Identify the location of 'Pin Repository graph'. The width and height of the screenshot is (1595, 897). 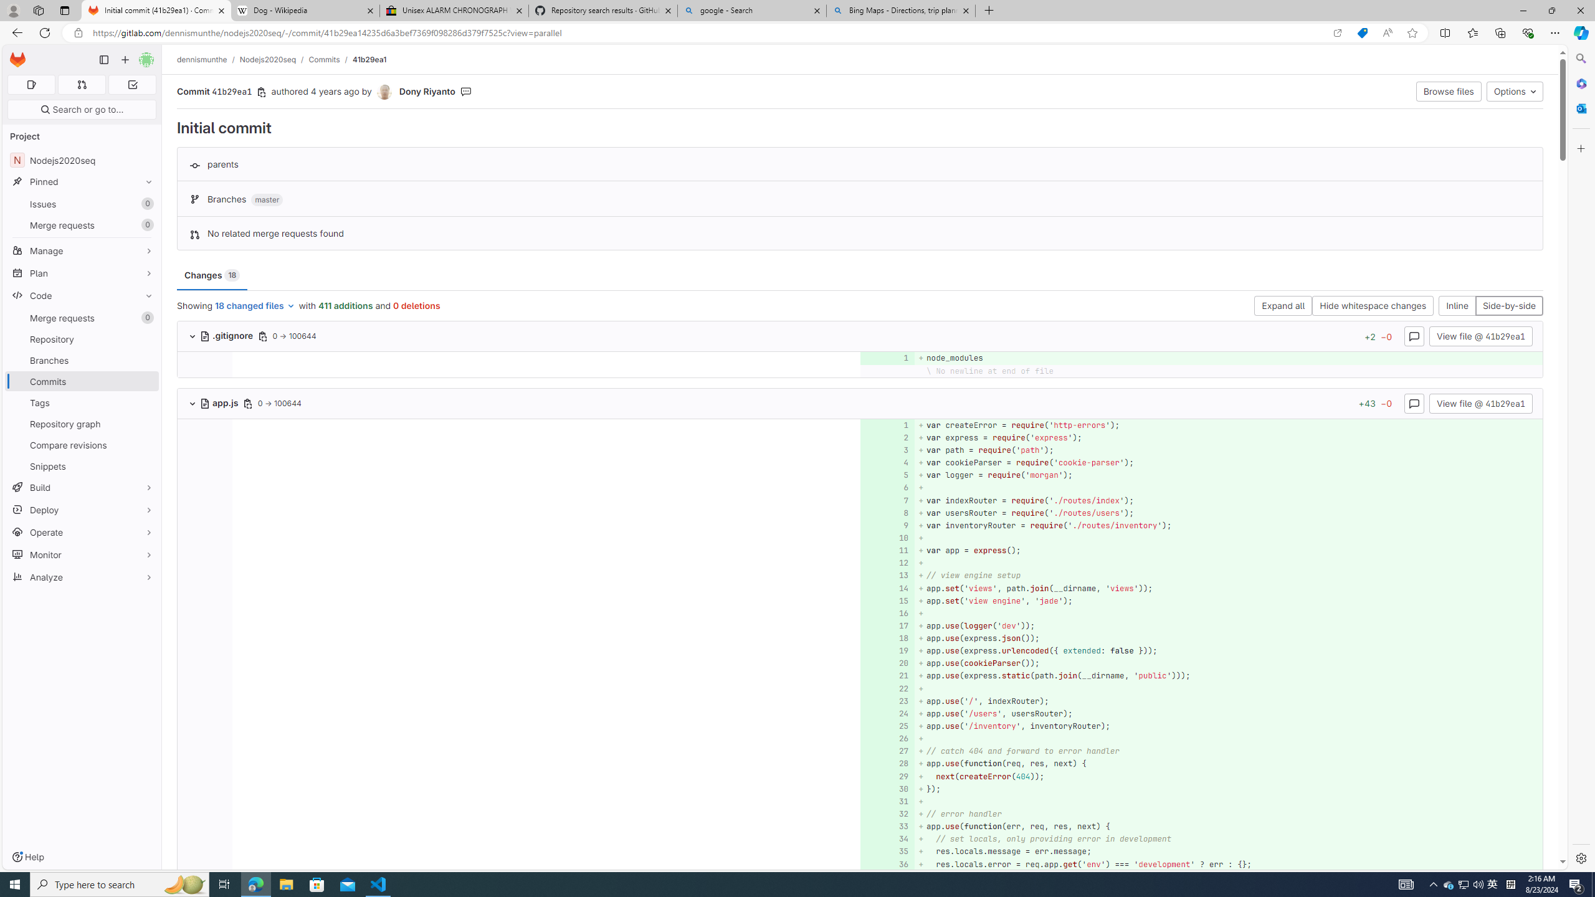
(145, 423).